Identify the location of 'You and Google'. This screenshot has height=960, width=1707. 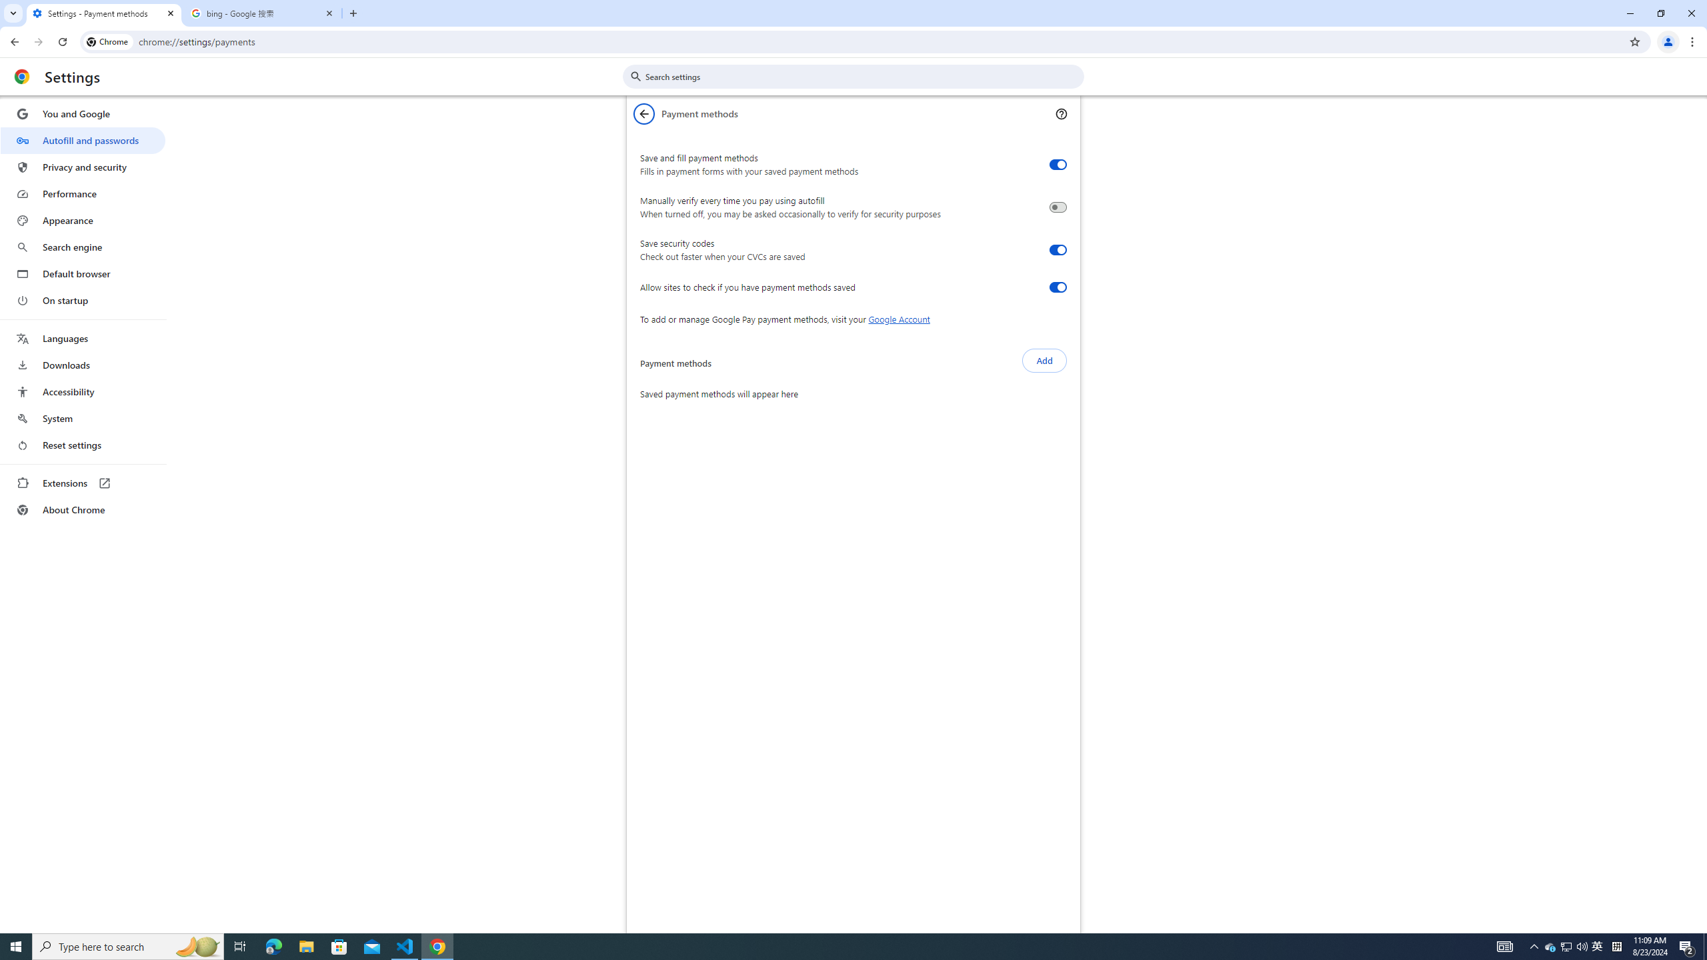
(82, 114).